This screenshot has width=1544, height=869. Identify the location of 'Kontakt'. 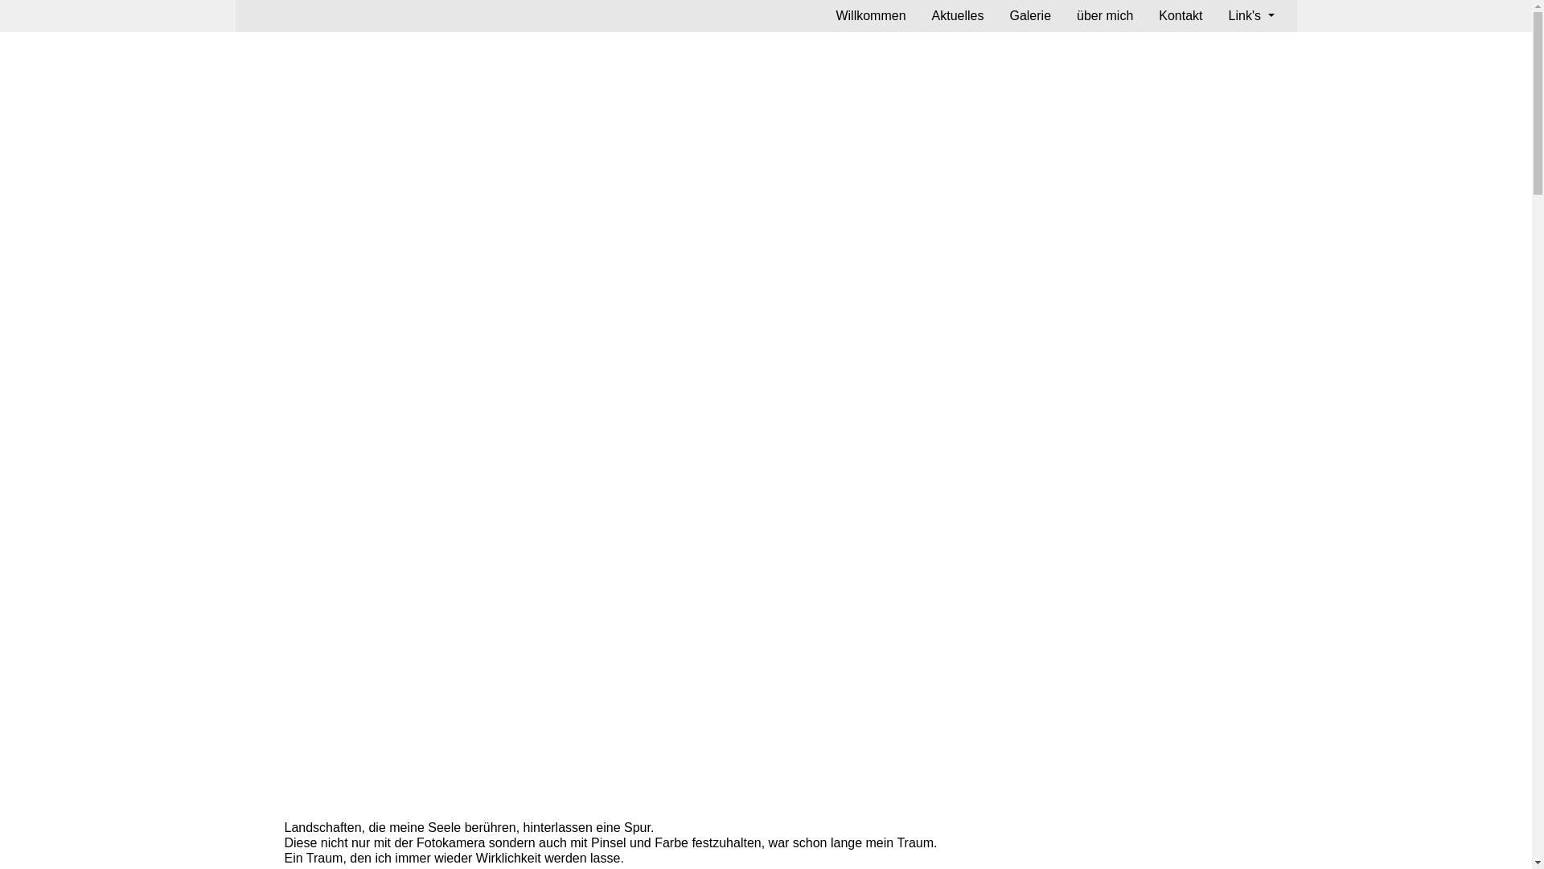
(1181, 15).